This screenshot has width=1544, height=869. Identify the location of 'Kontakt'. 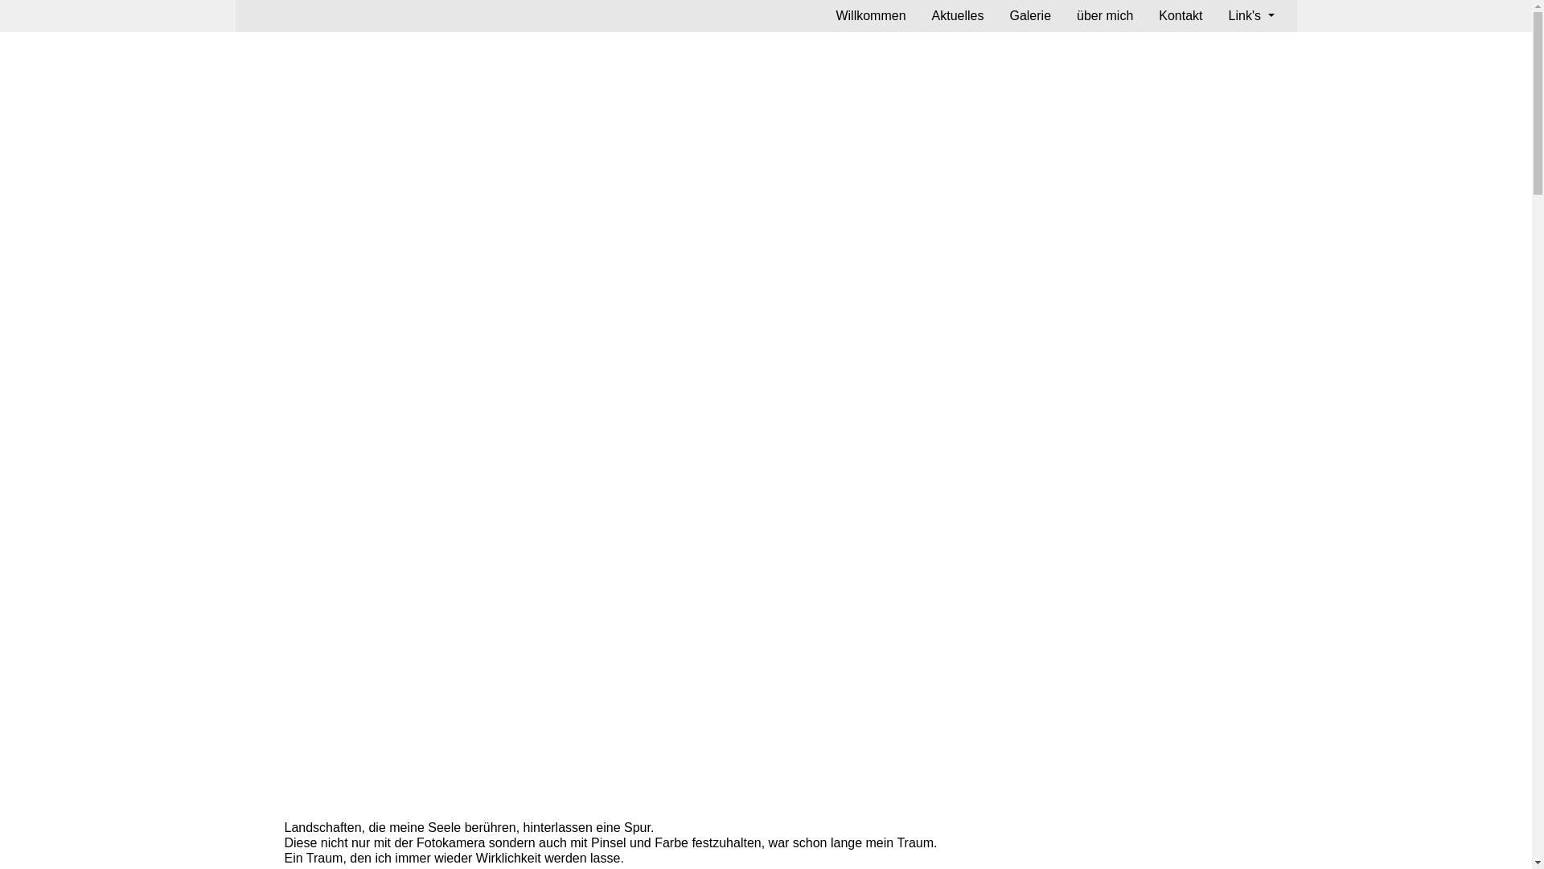
(1181, 15).